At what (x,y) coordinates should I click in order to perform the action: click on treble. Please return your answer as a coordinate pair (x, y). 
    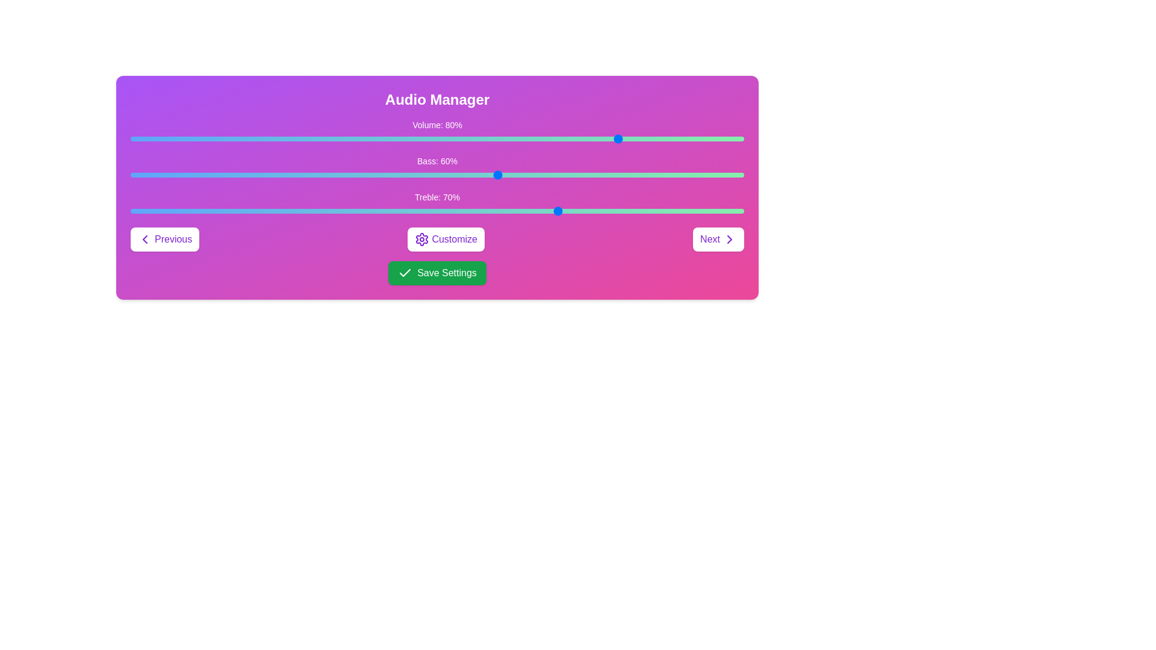
    Looking at the image, I should click on (657, 211).